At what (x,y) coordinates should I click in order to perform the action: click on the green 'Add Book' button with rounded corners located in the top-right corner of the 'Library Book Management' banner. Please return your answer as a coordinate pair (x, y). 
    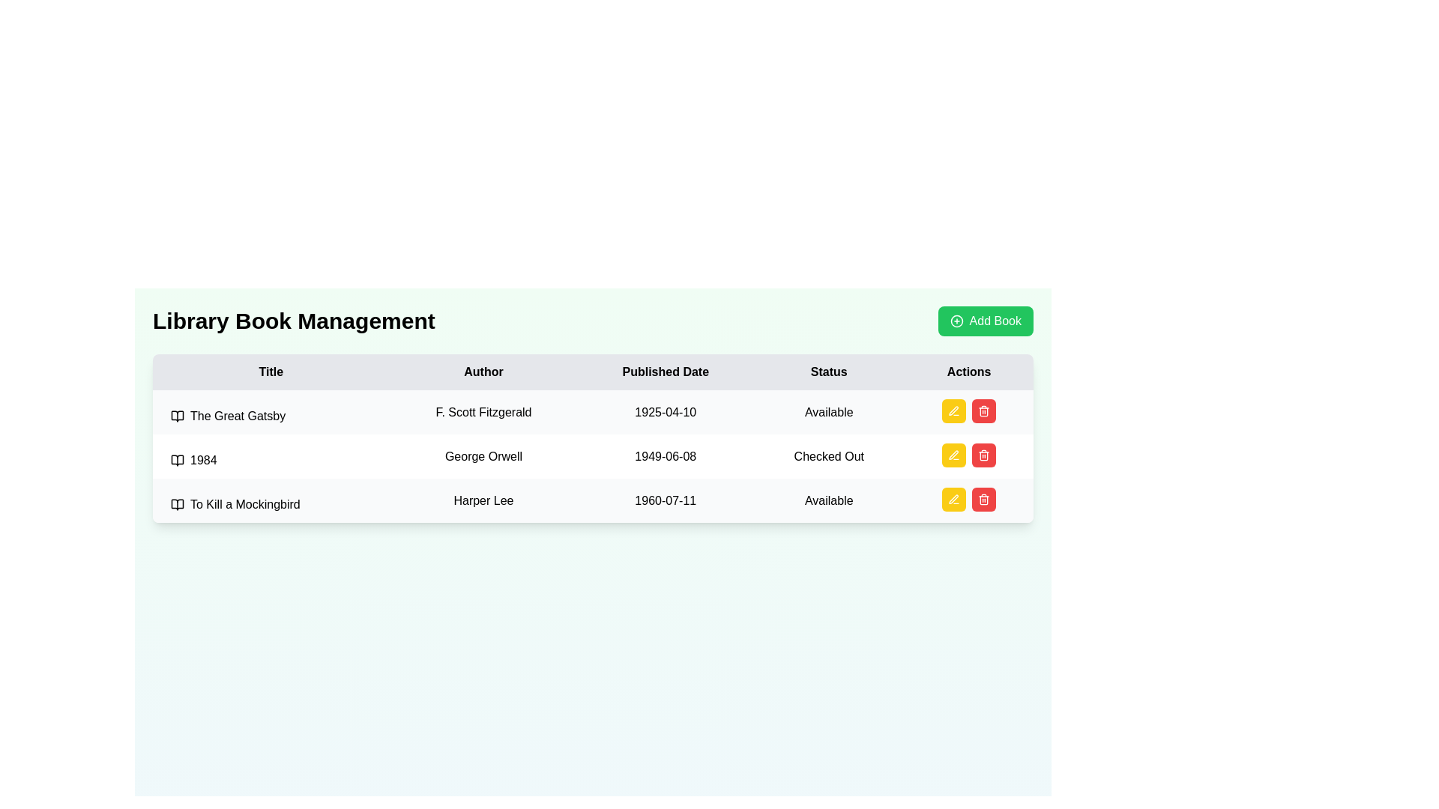
    Looking at the image, I should click on (986, 320).